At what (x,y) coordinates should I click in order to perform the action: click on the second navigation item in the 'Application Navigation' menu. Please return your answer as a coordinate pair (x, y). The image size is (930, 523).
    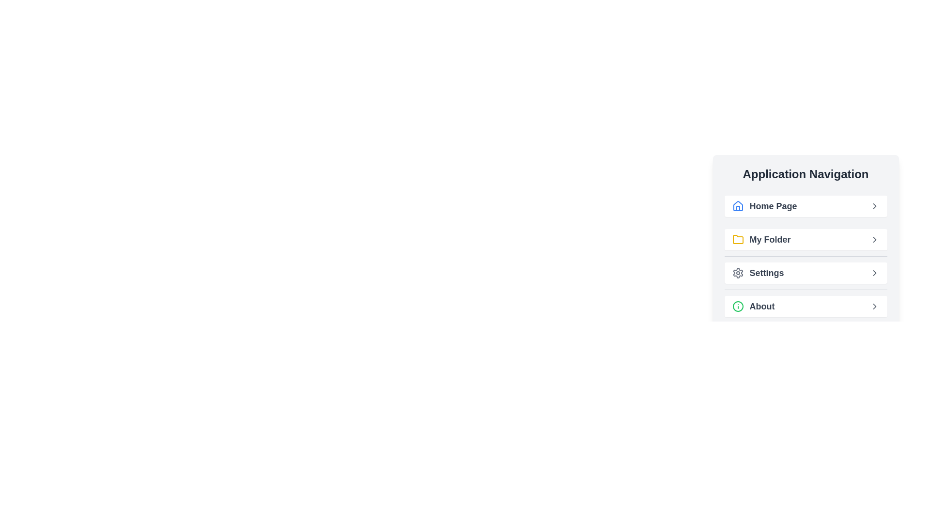
    Looking at the image, I should click on (806, 256).